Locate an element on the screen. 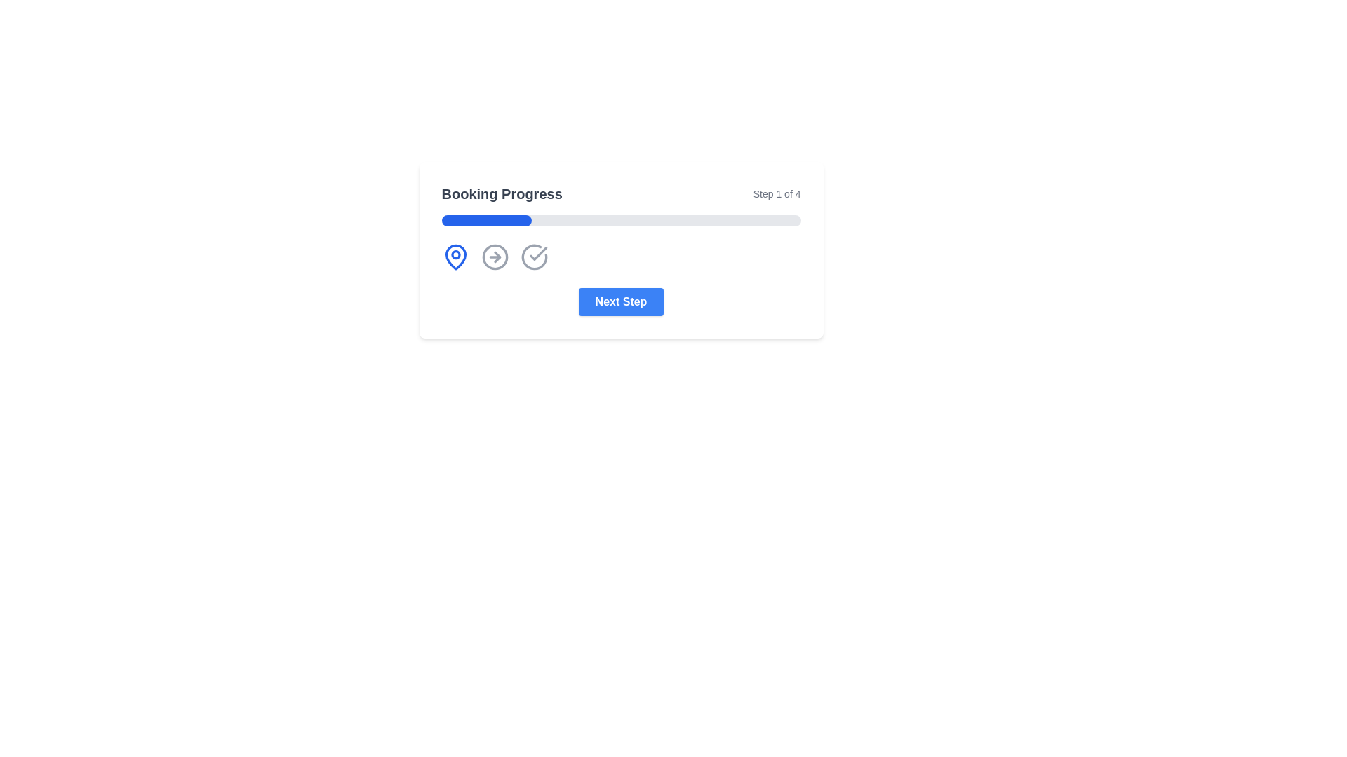 This screenshot has width=1347, height=757. the third icon in a row of four, which features a circular outline with an incomplete checkmark design, located below the progress bar and above the 'Next Step' button is located at coordinates (533, 257).